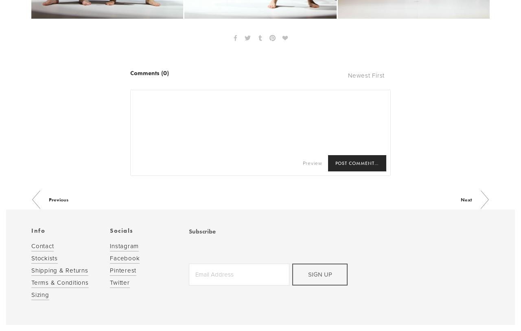 Image resolution: width=521 pixels, height=331 pixels. Describe the element at coordinates (366, 75) in the screenshot. I see `'Newest First'` at that location.